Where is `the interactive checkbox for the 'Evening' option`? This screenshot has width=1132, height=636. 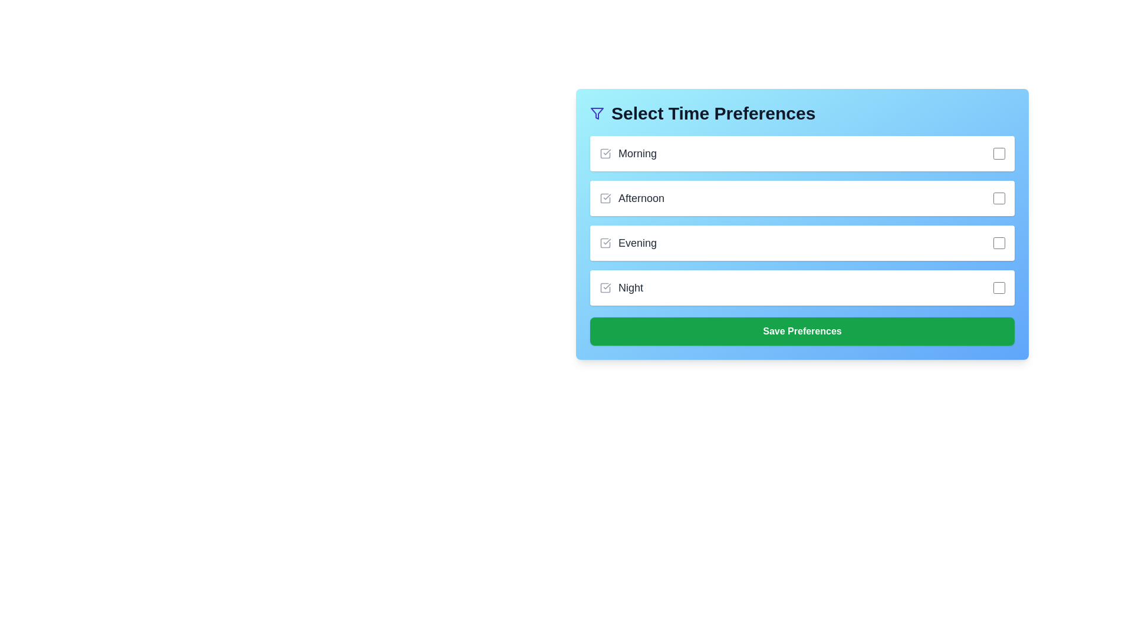 the interactive checkbox for the 'Evening' option is located at coordinates (606, 242).